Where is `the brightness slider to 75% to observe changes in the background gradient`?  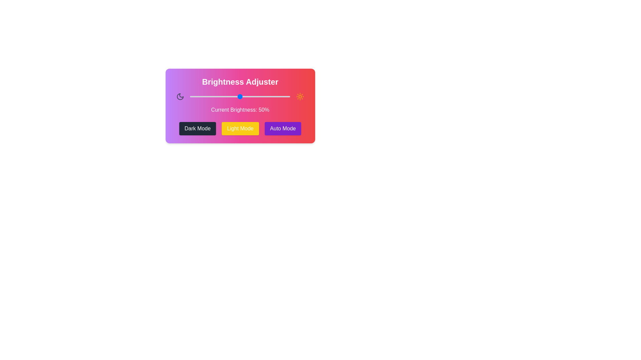
the brightness slider to 75% to observe changes in the background gradient is located at coordinates (264, 96).